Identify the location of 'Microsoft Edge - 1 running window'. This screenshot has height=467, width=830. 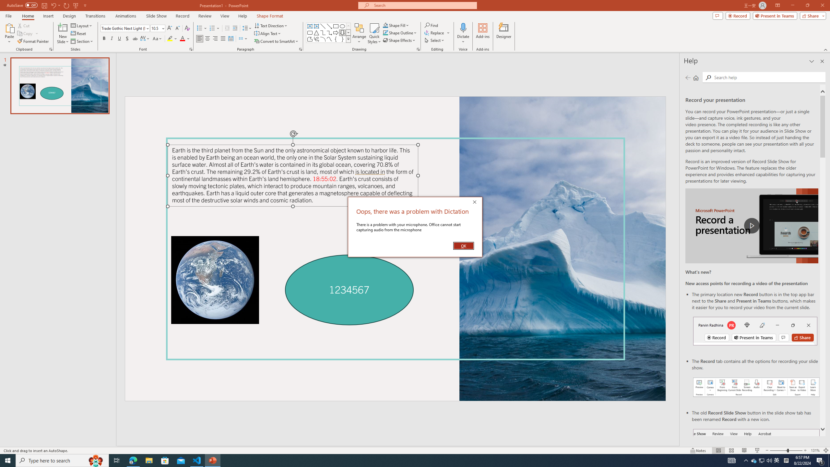
(133, 460).